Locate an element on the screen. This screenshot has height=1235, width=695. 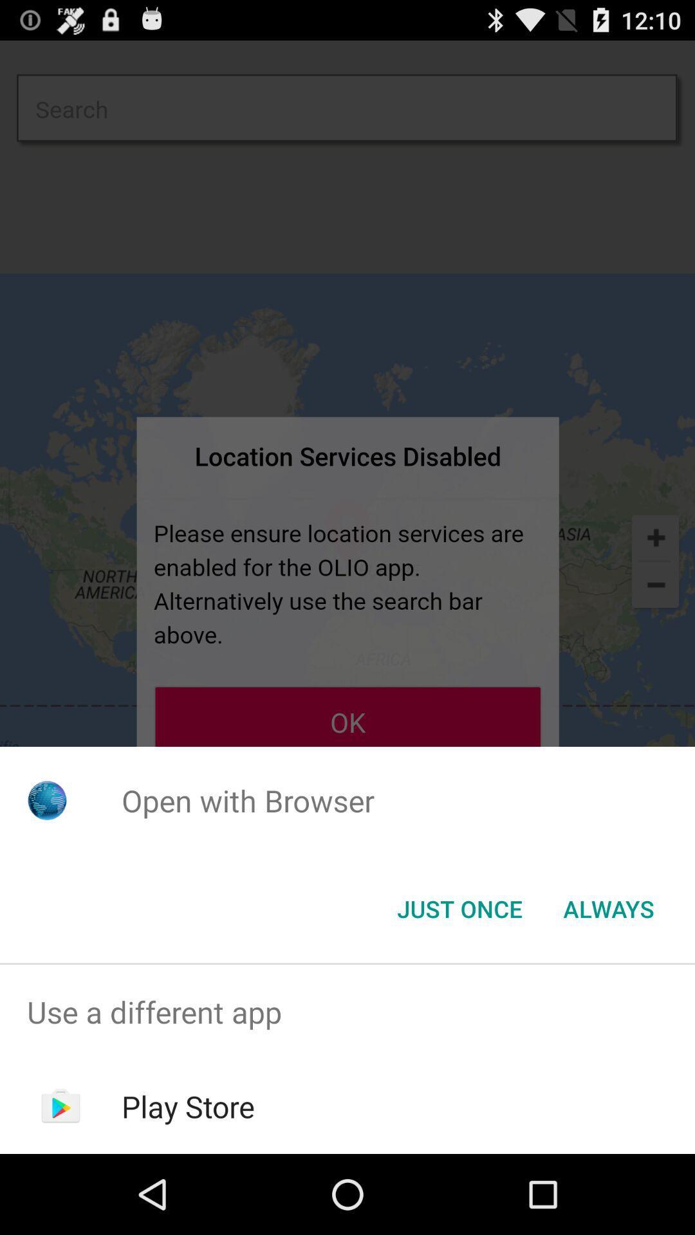
the item above the play store app is located at coordinates (347, 1011).